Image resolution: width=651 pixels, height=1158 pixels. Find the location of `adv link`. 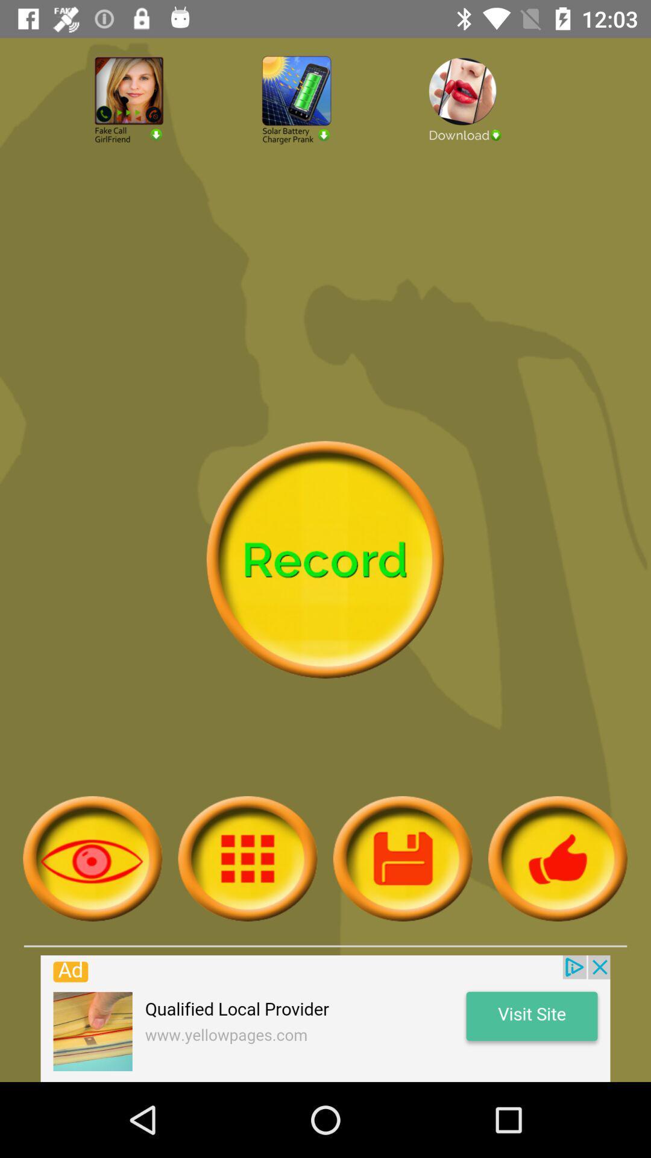

adv link is located at coordinates (492, 132).